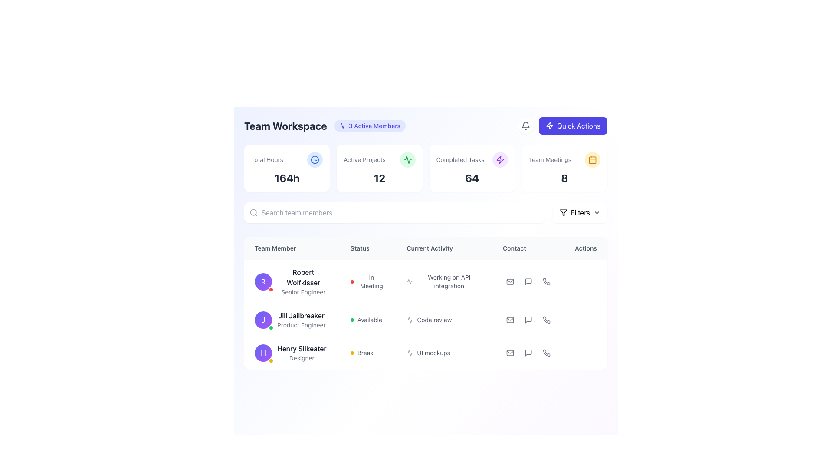  What do you see at coordinates (528, 353) in the screenshot?
I see `the Icon button in the 'Actions' section of the last visible row` at bounding box center [528, 353].